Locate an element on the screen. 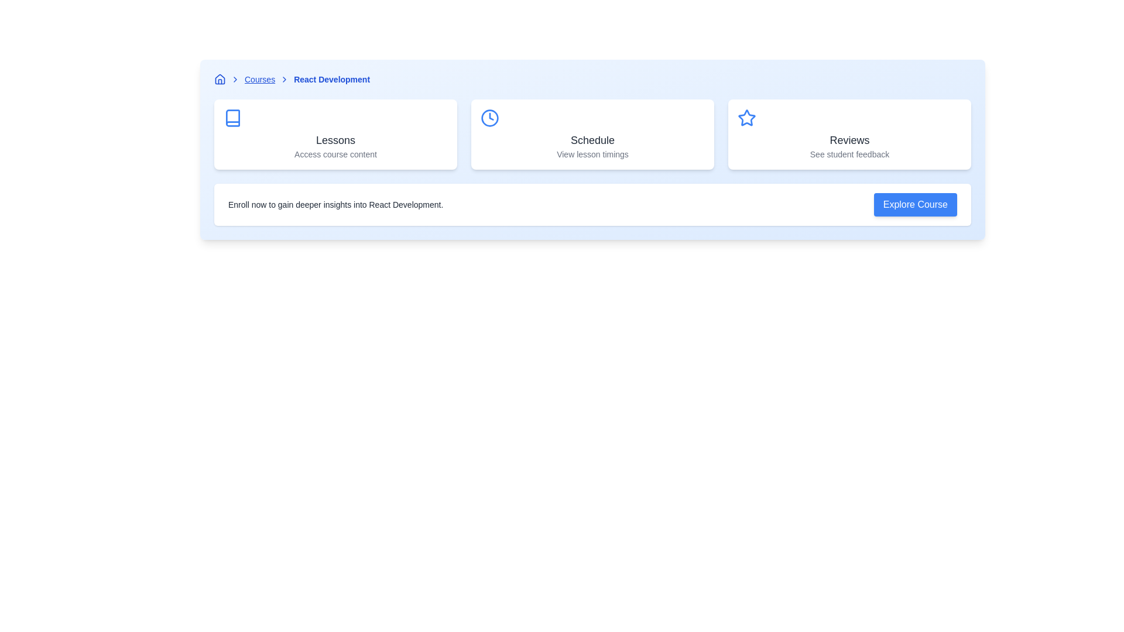 The image size is (1124, 632). the 'Lessons' icon located in the top-left corner of the 'Lessons' card is located at coordinates (233, 118).